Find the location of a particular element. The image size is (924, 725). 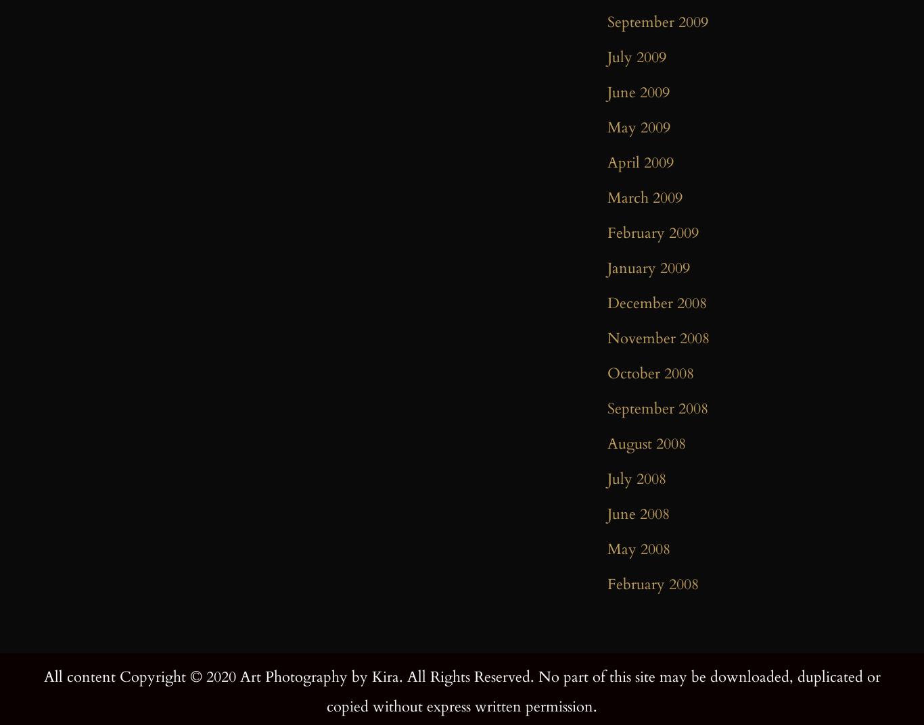

'September 2009' is located at coordinates (657, 22).